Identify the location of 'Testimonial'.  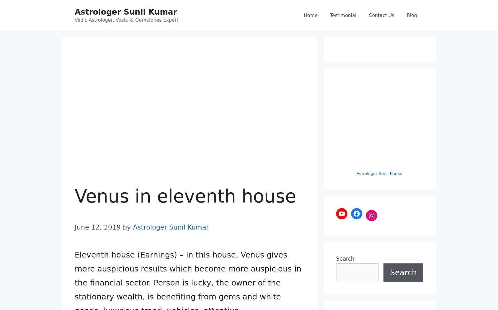
(343, 15).